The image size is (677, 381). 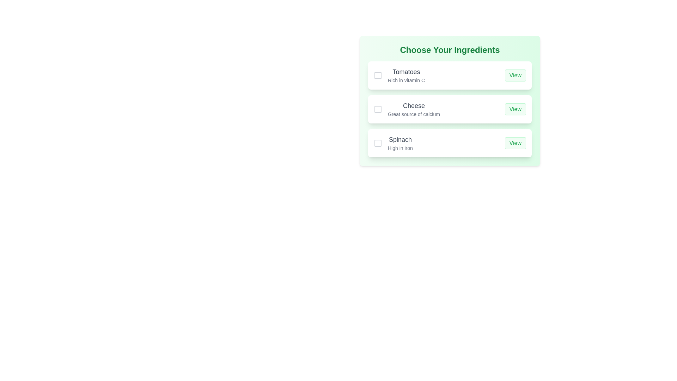 I want to click on the text label that provides nutritional information about 'Spinach', which is positioned underneath the 'Spinach' text in the third row of the 'Choose Your Ingredients' list, so click(x=400, y=148).